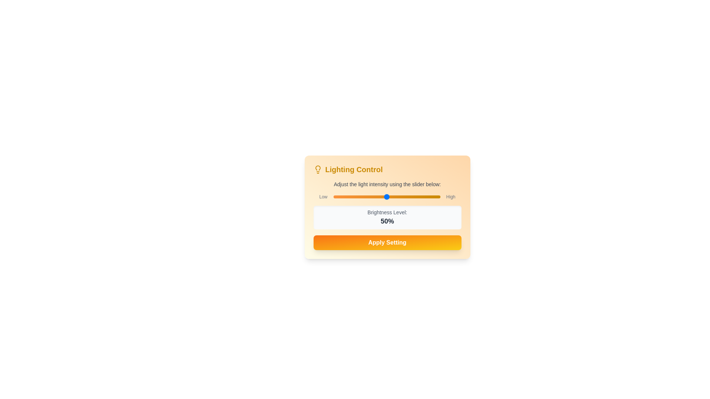 This screenshot has height=399, width=710. Describe the element at coordinates (352, 196) in the screenshot. I see `brightness` at that location.